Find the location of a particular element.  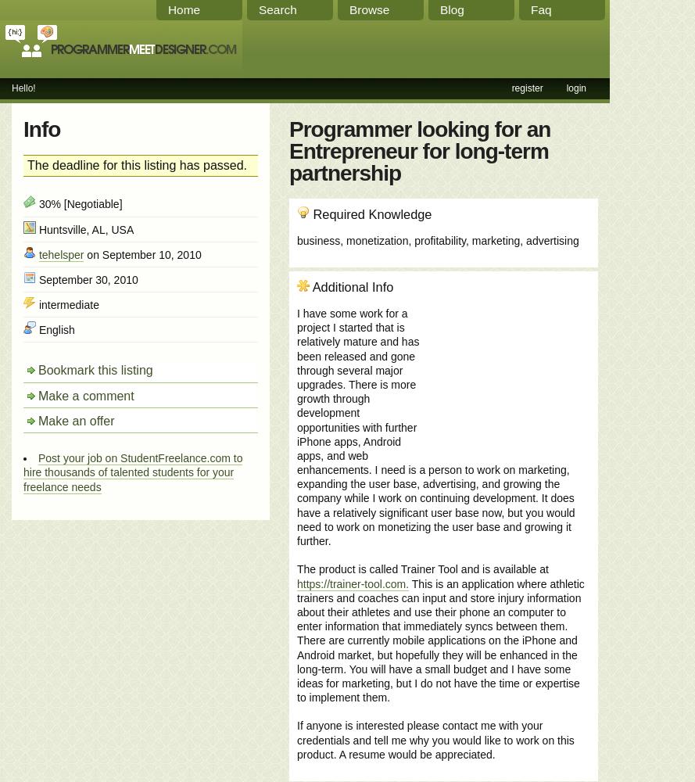

'30% [Negotiable]' is located at coordinates (77, 204).